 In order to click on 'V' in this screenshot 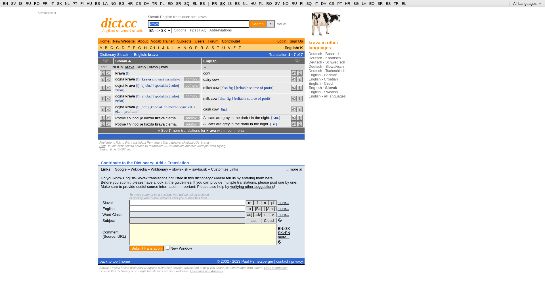, I will do `click(229, 47)`.